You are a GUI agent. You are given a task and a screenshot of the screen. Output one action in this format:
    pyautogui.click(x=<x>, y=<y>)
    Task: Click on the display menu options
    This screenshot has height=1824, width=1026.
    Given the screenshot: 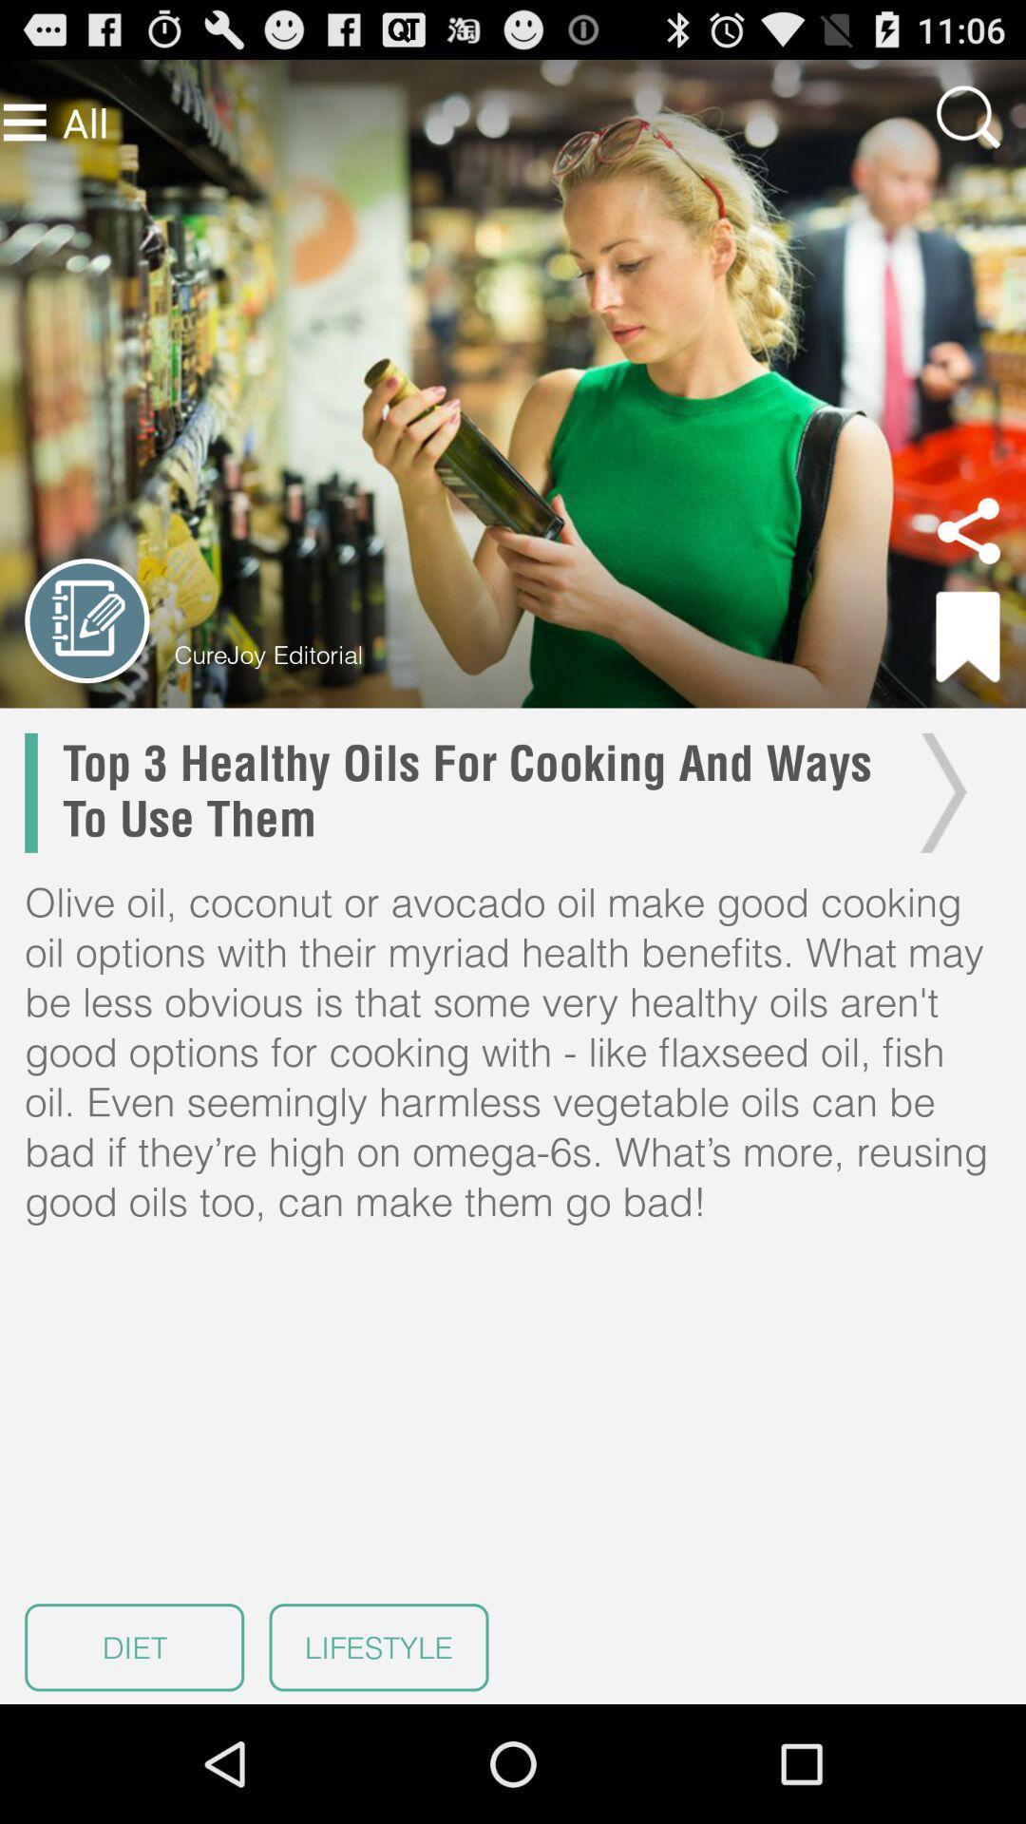 What is the action you would take?
    pyautogui.click(x=25, y=122)
    